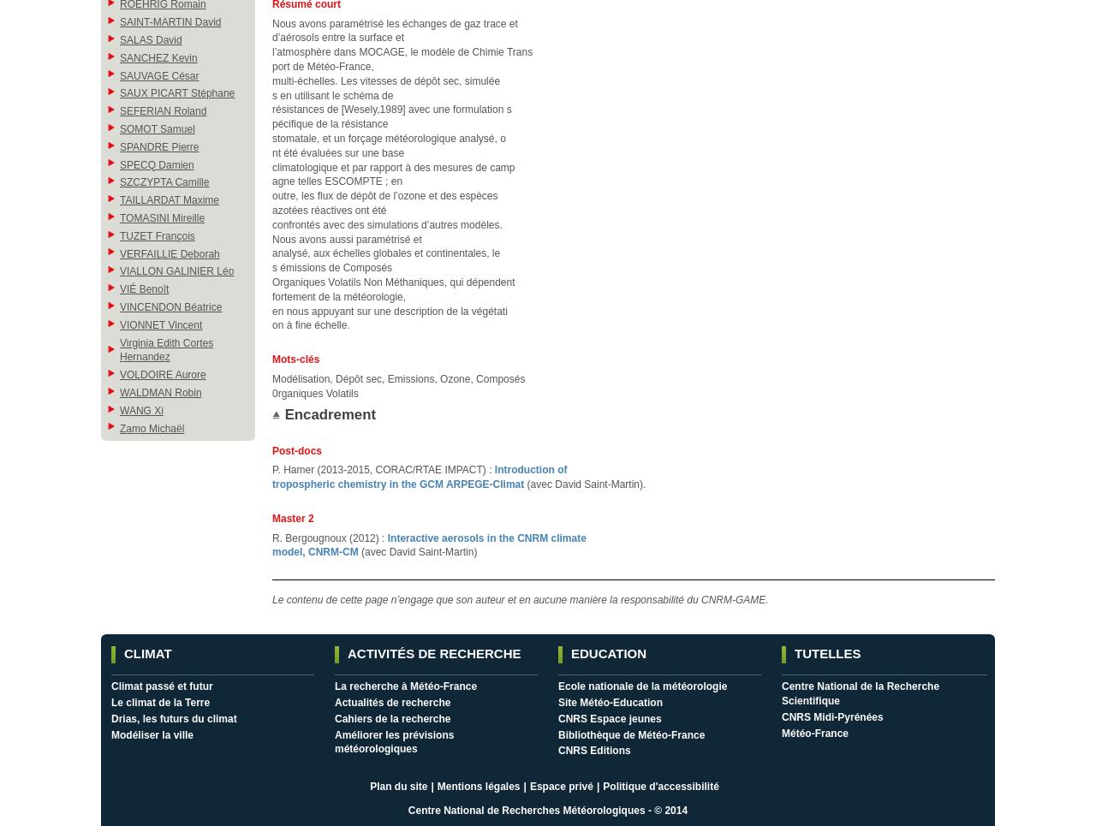  I want to click on 'Espace privé', so click(527, 785).